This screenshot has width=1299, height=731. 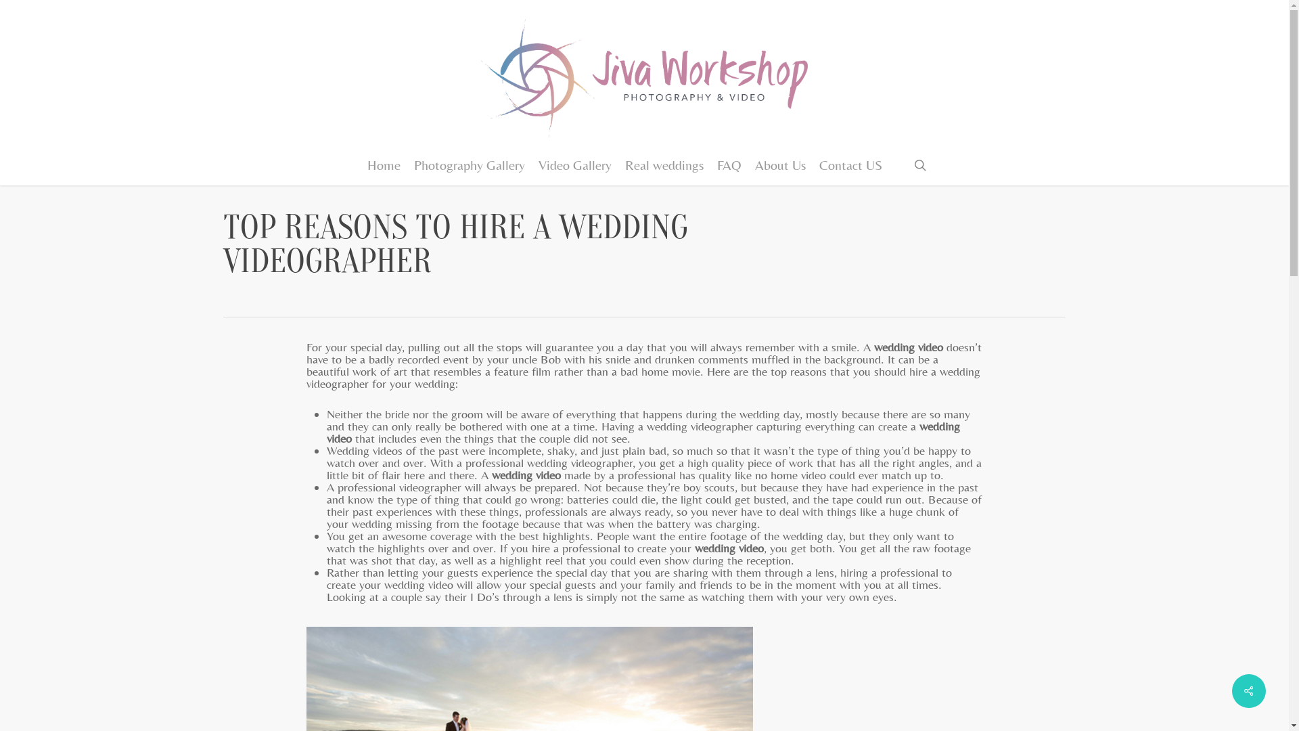 I want to click on 'Photography Gallery', so click(x=470, y=164).